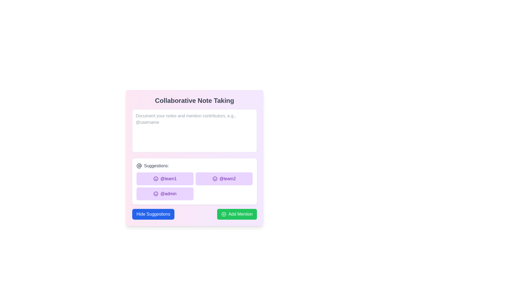 The image size is (516, 290). Describe the element at coordinates (165, 194) in the screenshot. I see `the rounded rectangular button with light purple background and dark purple text that displays '@admin'` at that location.